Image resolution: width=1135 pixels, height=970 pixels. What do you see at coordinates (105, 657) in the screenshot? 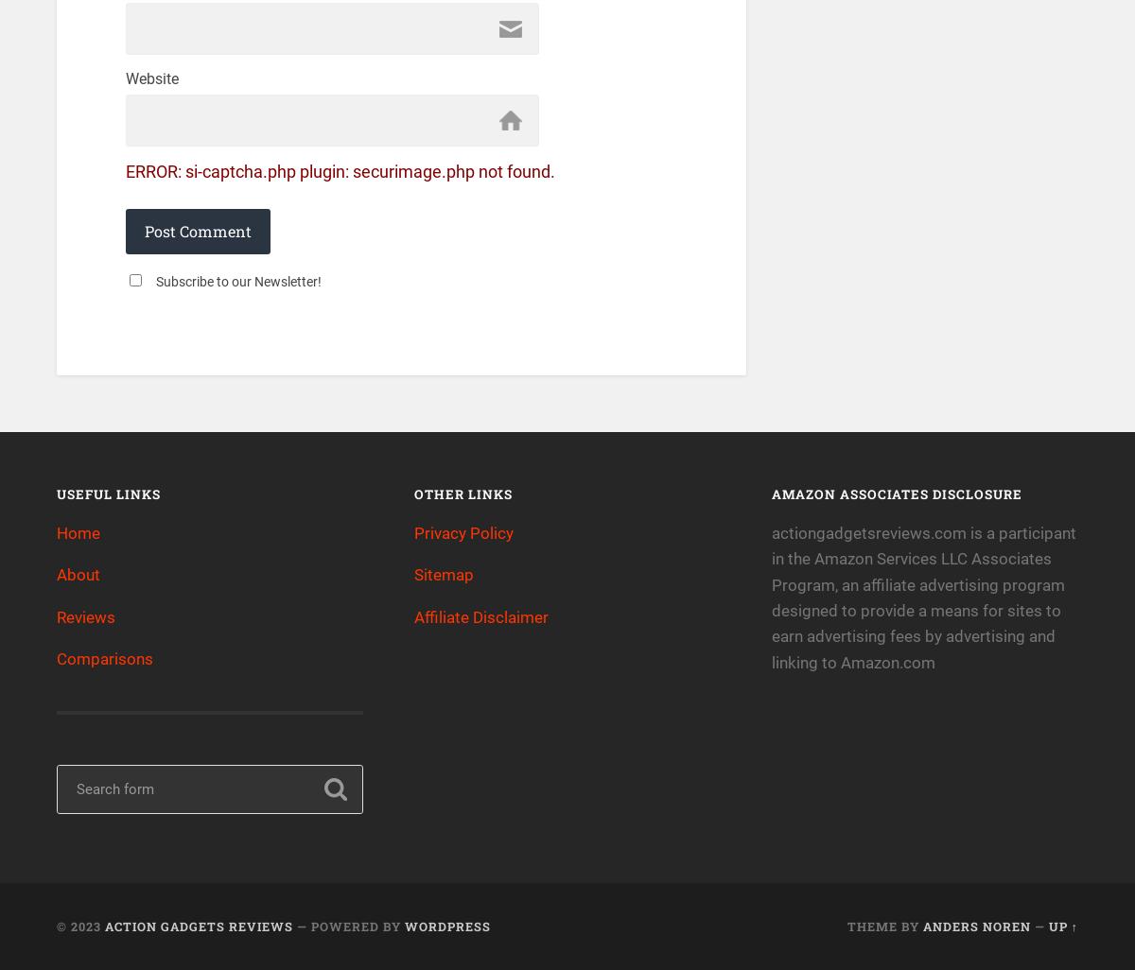
I see `'Comparisons'` at bounding box center [105, 657].